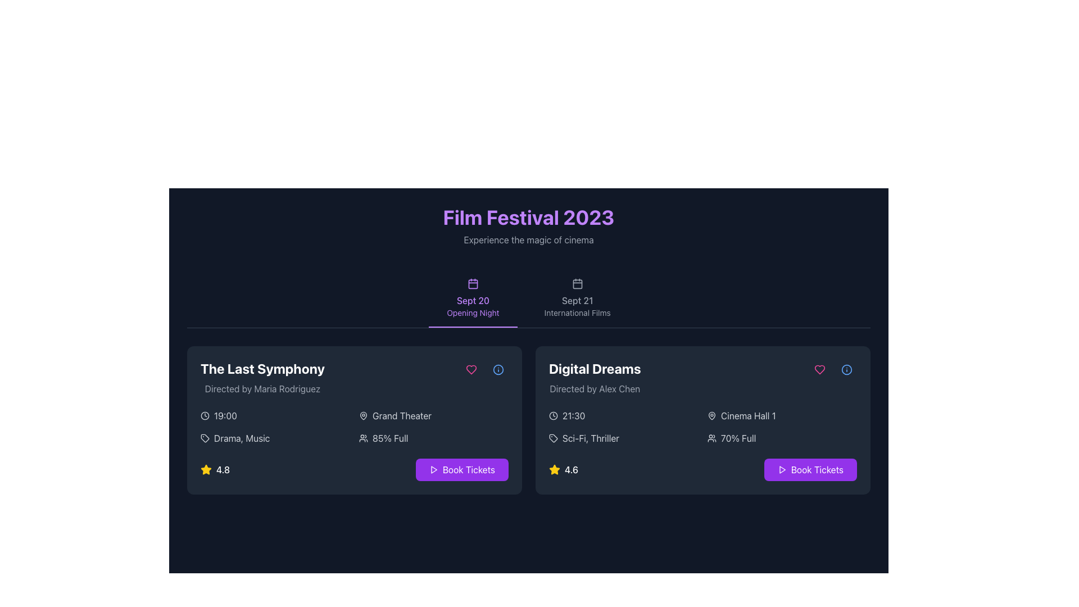 This screenshot has height=607, width=1079. Describe the element at coordinates (215, 470) in the screenshot. I see `the star icon in the rating display for 'The Last Symphony'` at that location.